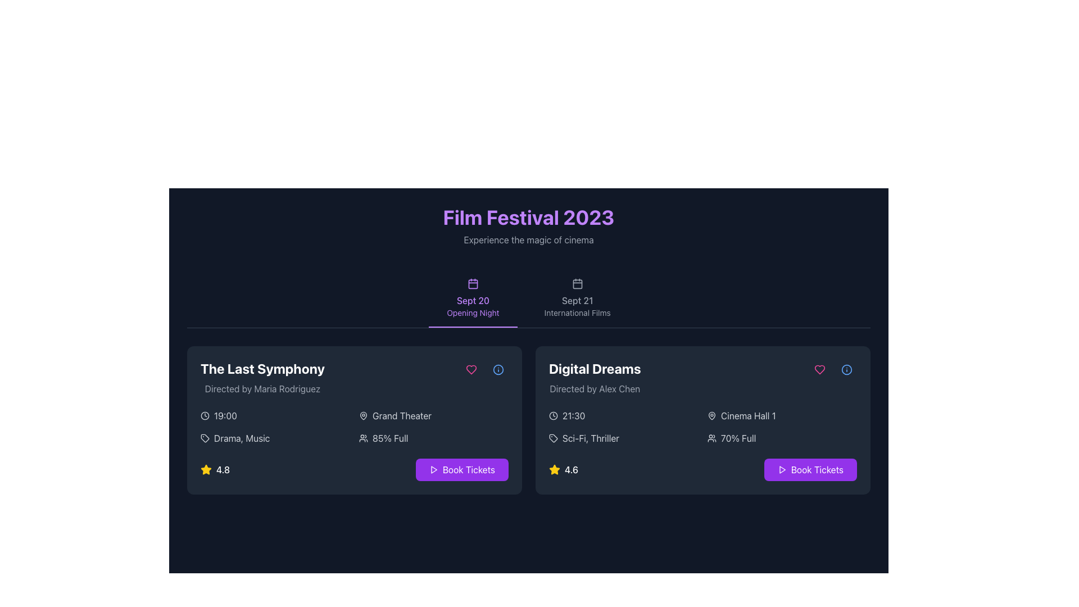 This screenshot has height=607, width=1079. Describe the element at coordinates (215, 470) in the screenshot. I see `the star icon in the rating display for 'The Last Symphony'` at that location.